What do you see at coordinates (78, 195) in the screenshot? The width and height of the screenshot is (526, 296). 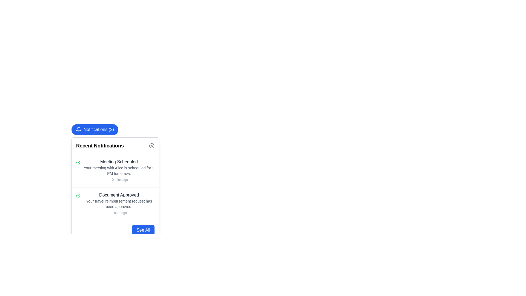 I see `the circular checkmark icon that indicates success or approval for the 'Document Approved' message` at bounding box center [78, 195].